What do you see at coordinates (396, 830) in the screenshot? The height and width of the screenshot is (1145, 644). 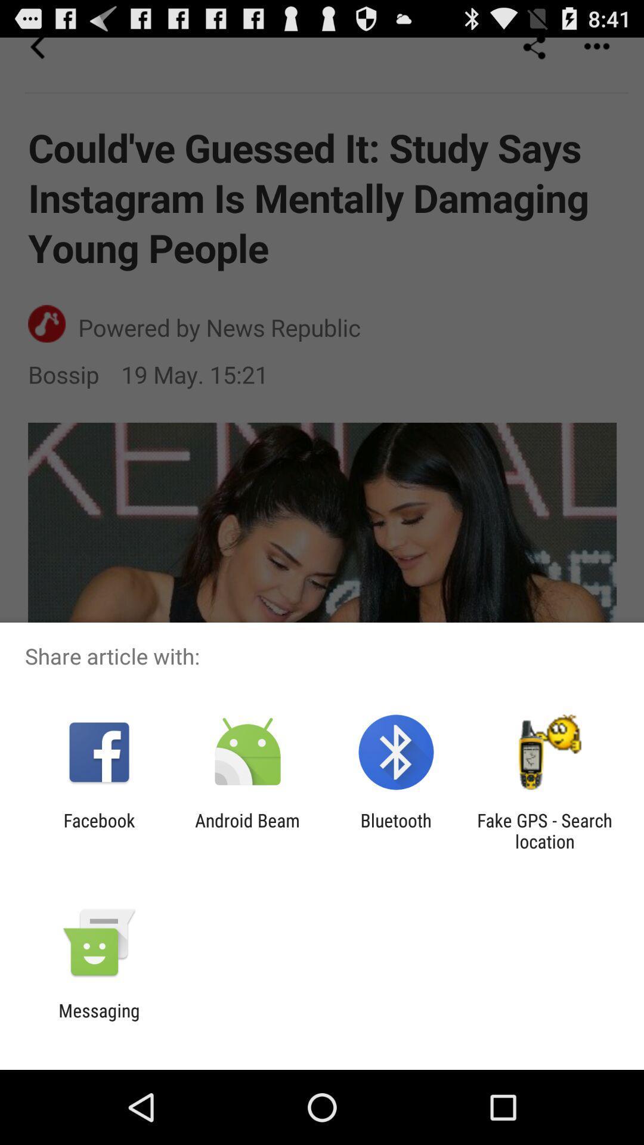 I see `bluetooth app` at bounding box center [396, 830].